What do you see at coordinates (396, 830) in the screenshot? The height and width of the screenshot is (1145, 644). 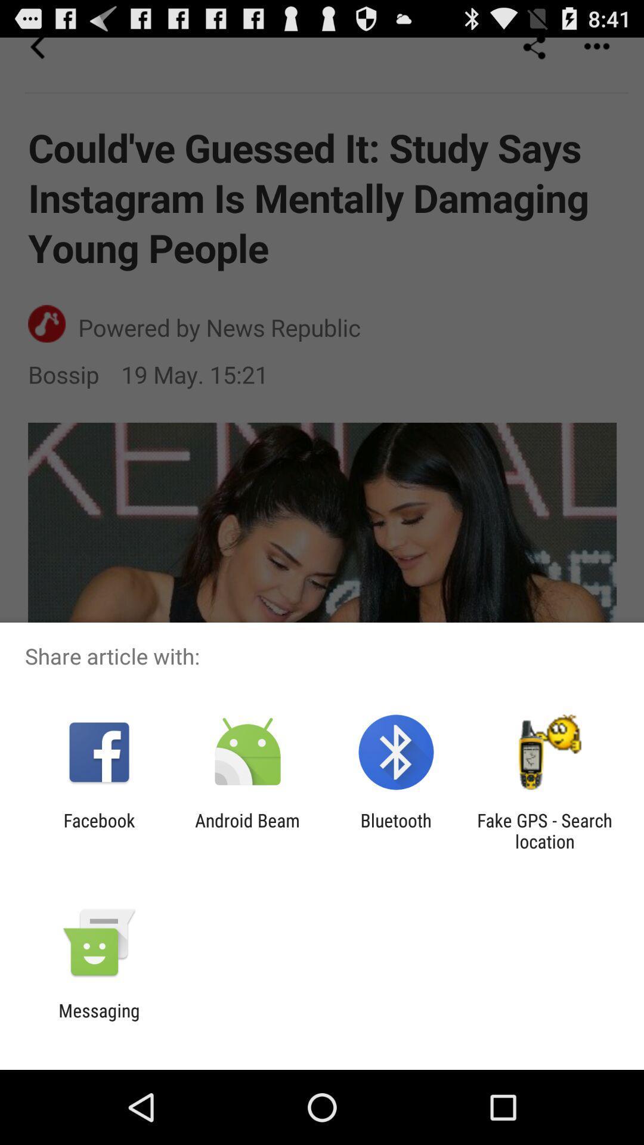 I see `bluetooth app` at bounding box center [396, 830].